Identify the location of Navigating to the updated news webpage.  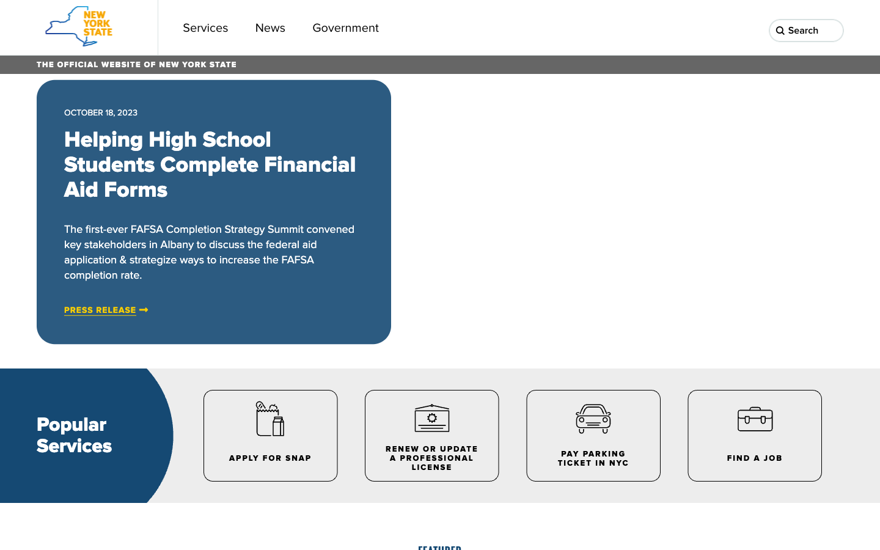
(270, 27).